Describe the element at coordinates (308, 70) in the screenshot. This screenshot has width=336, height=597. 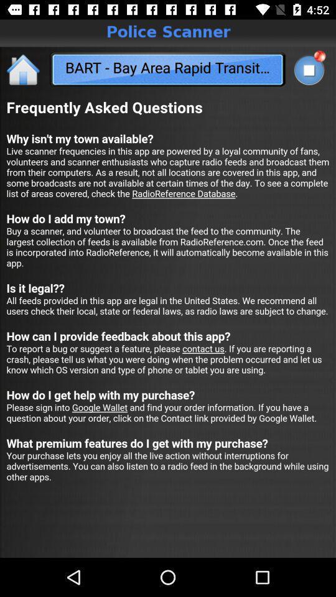
I see `tap to search` at that location.